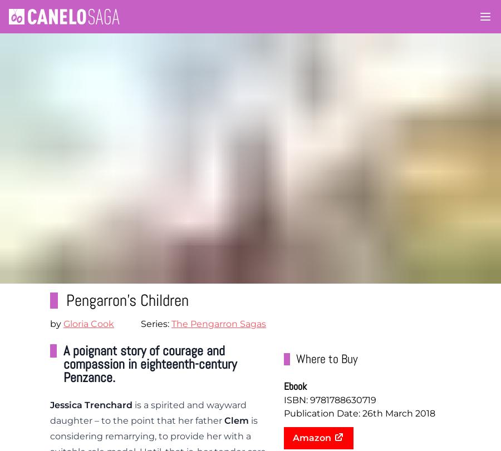  Describe the element at coordinates (56, 323) in the screenshot. I see `'by'` at that location.